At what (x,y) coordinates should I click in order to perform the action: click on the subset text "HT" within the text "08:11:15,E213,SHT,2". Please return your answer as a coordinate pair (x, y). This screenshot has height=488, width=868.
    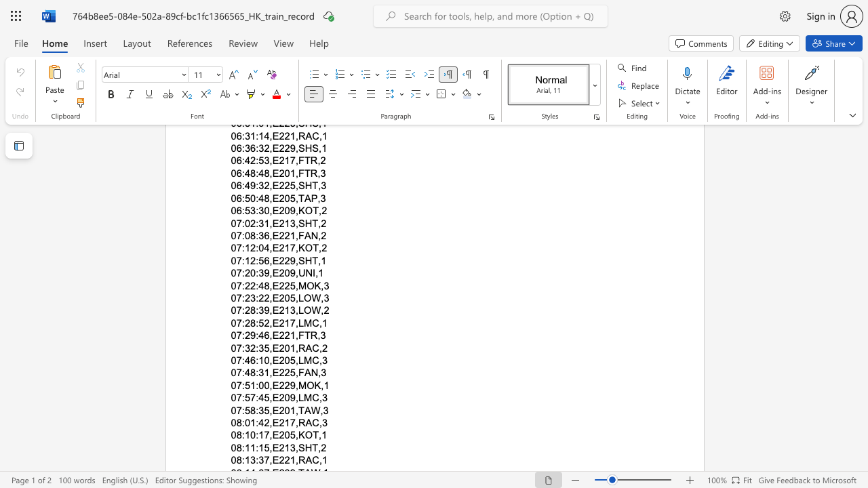
    Looking at the image, I should click on (304, 447).